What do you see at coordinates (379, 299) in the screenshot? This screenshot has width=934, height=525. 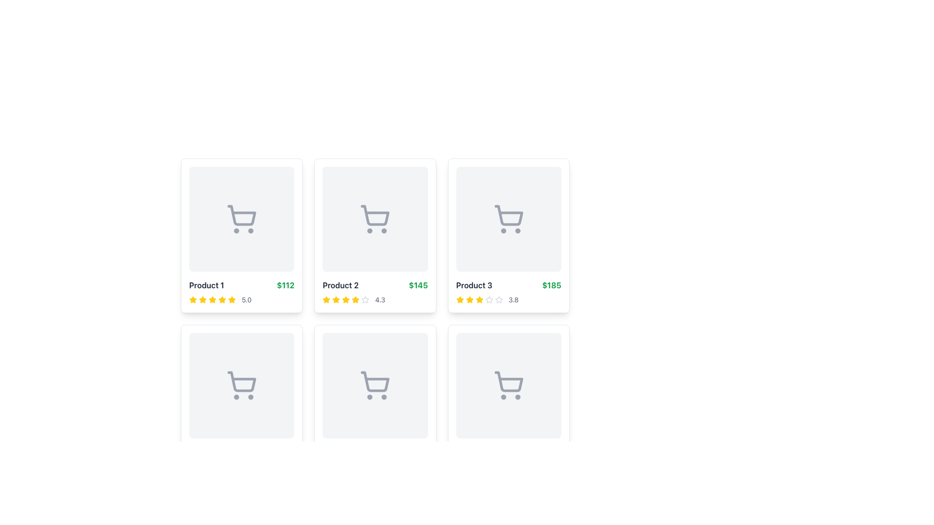 I see `rating value displayed as '4.3' in gray text, located to the right of the star icons in the details section of the second product card` at bounding box center [379, 299].